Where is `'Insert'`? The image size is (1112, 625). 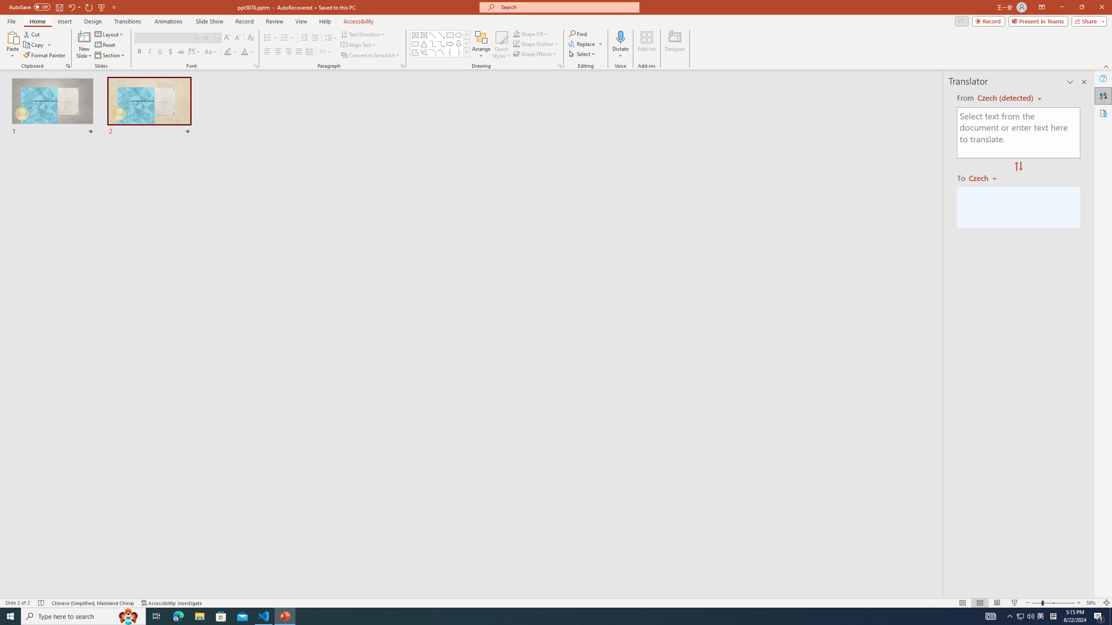 'Insert' is located at coordinates (64, 21).